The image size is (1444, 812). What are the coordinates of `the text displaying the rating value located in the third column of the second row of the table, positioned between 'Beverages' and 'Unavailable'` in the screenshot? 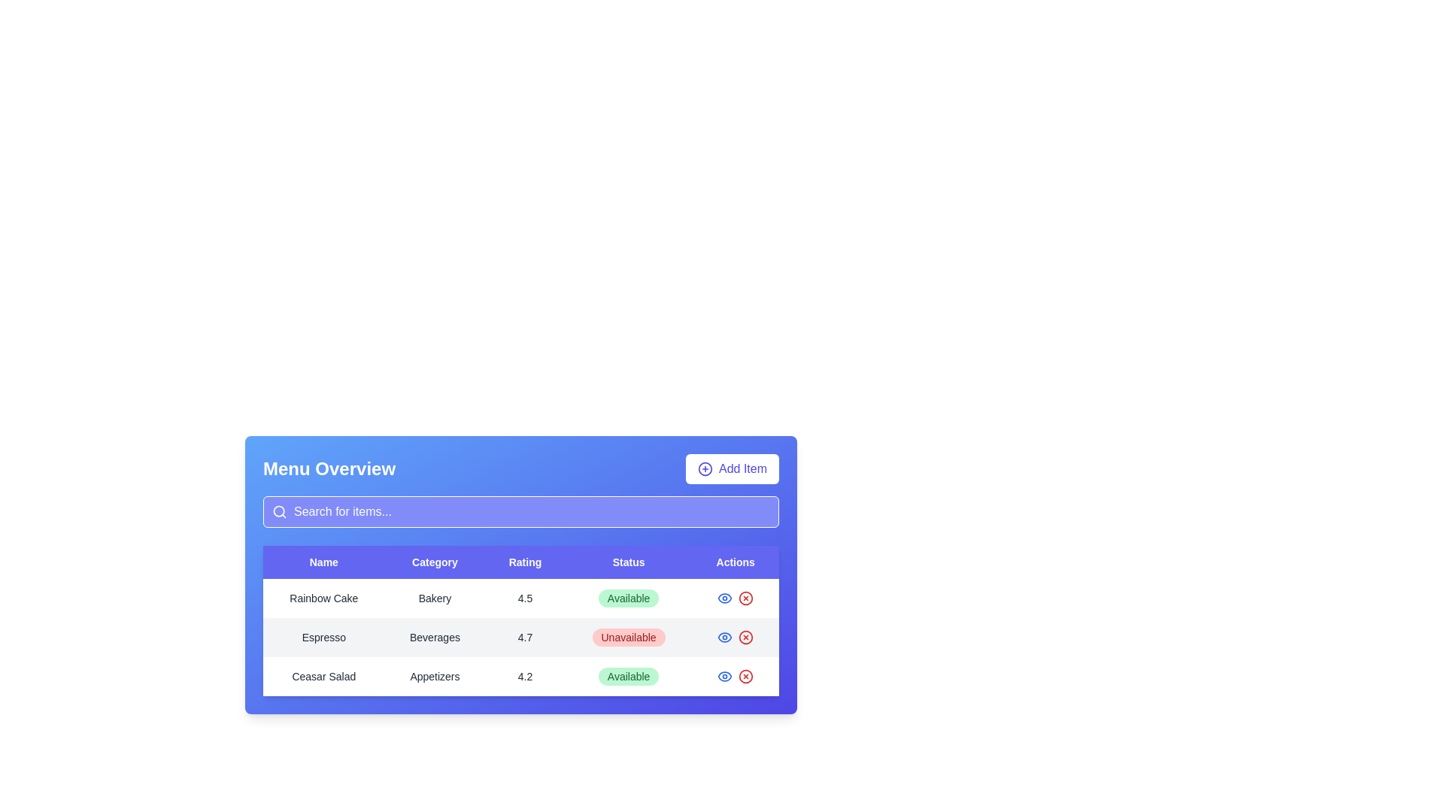 It's located at (525, 638).